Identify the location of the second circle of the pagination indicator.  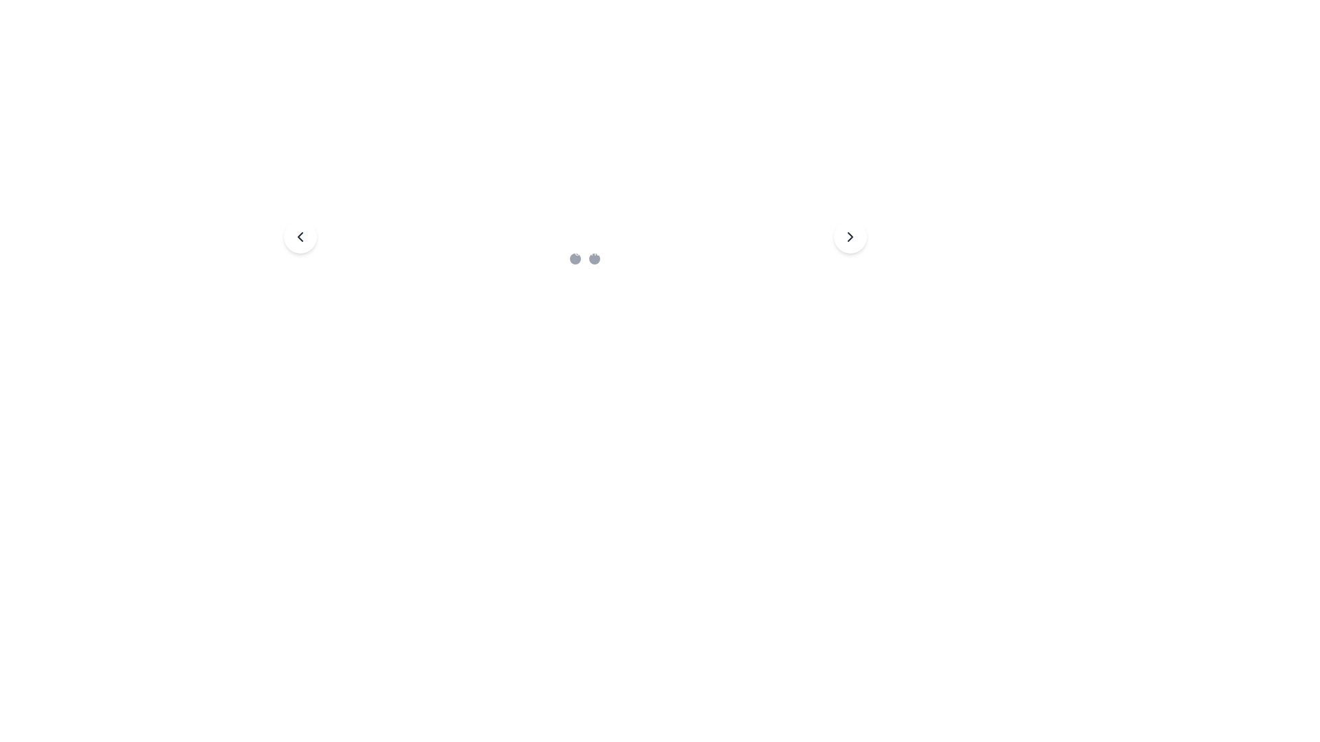
(575, 259).